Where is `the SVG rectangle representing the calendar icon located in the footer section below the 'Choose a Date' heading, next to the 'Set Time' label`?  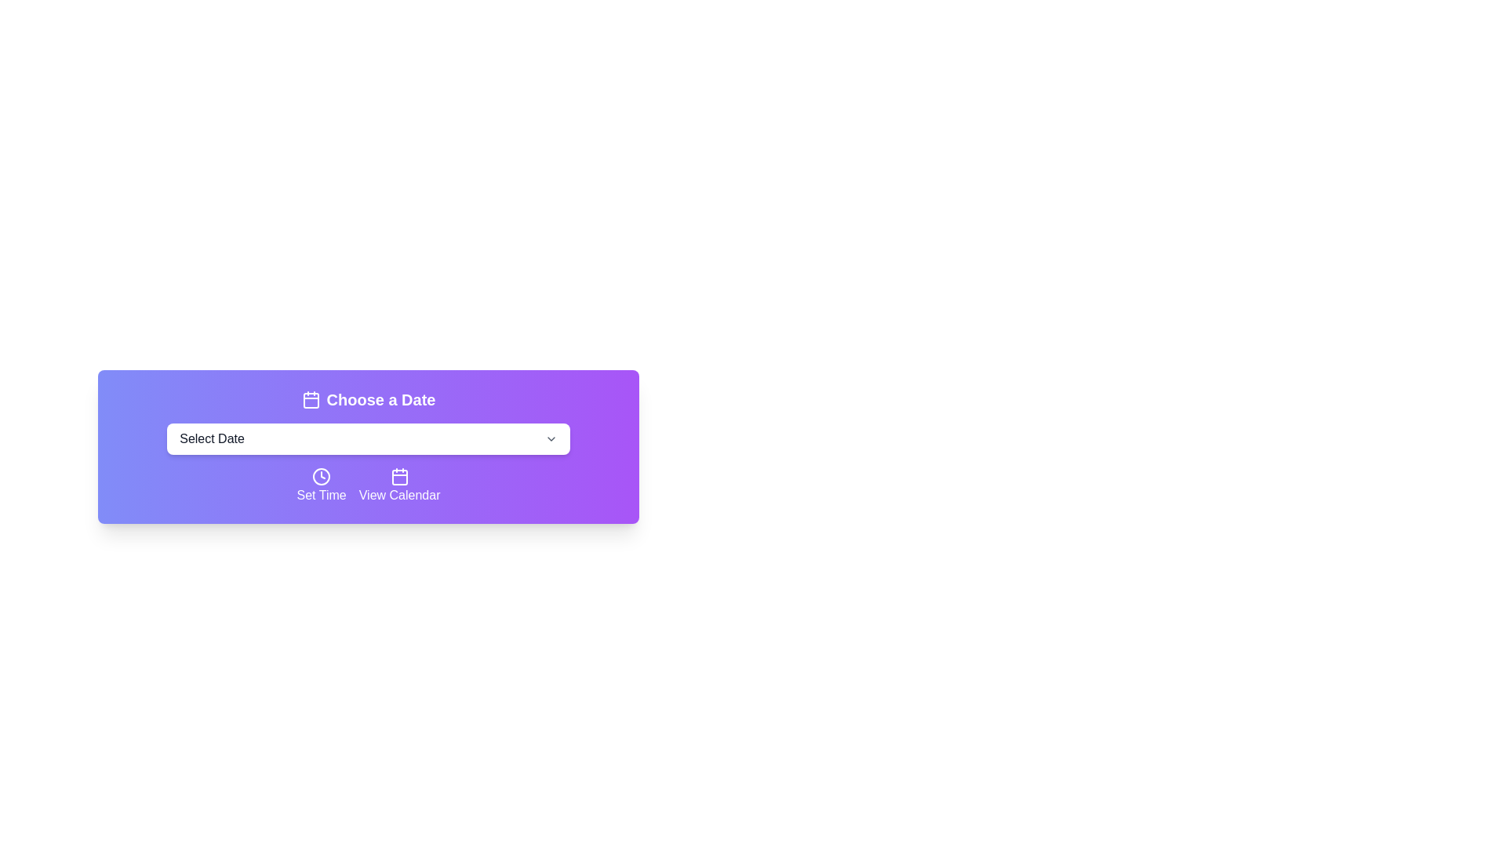 the SVG rectangle representing the calendar icon located in the footer section below the 'Choose a Date' heading, next to the 'Set Time' label is located at coordinates (399, 477).